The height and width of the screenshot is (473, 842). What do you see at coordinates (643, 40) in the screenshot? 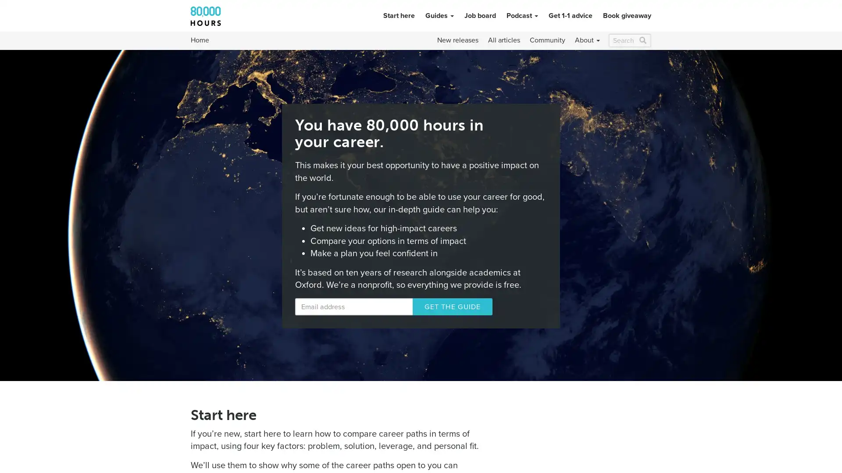
I see `Search` at bounding box center [643, 40].